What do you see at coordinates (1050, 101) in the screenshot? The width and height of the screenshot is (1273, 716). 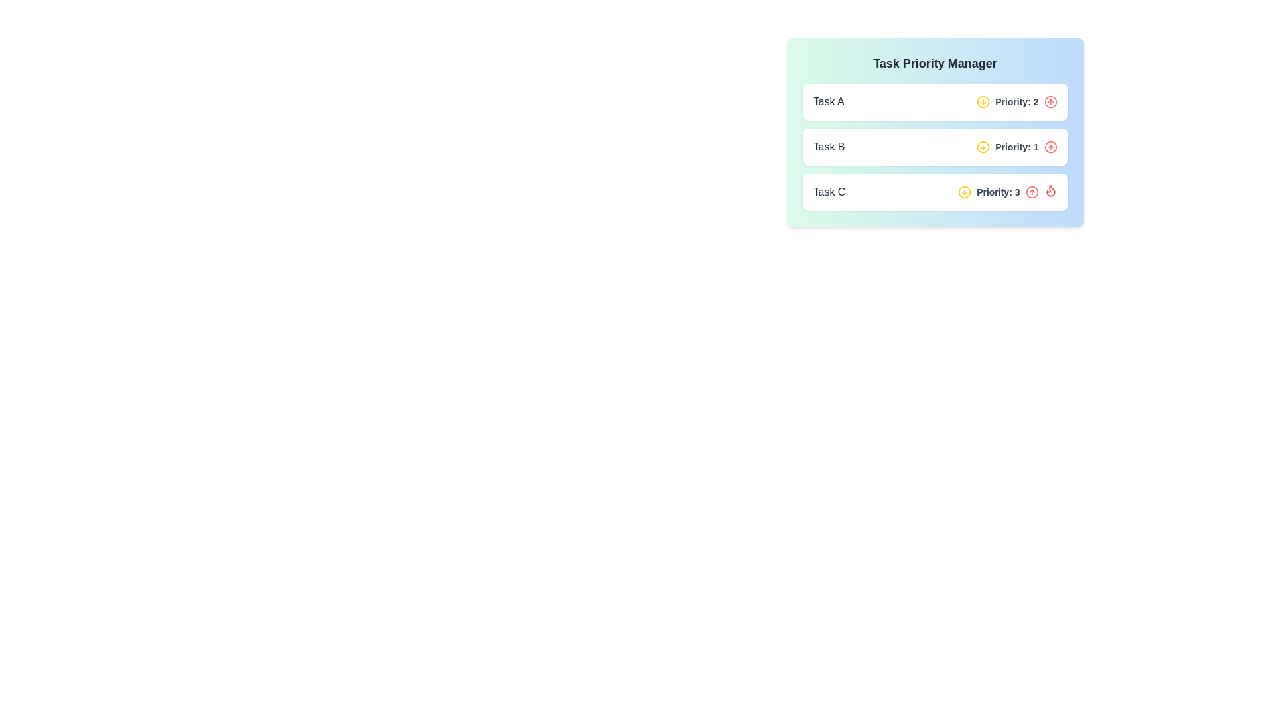 I see `the circular graphical shape that is part of the upward action icon located to the far-right of the 'Priority: 2' indicator for 'Task A'` at bounding box center [1050, 101].